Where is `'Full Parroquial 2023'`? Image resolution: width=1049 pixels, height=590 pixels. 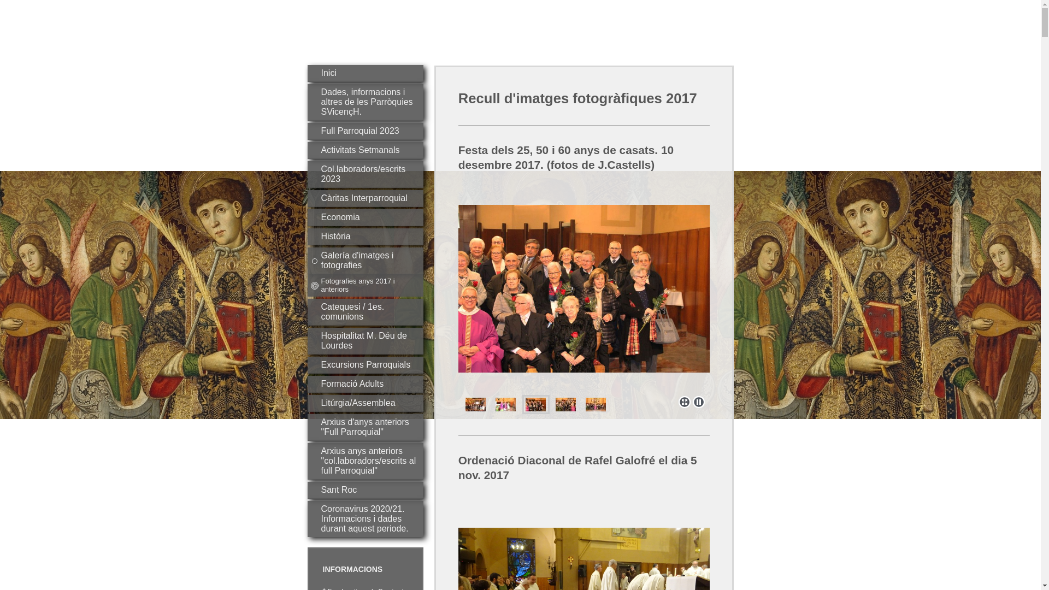 'Full Parroquial 2023' is located at coordinates (364, 131).